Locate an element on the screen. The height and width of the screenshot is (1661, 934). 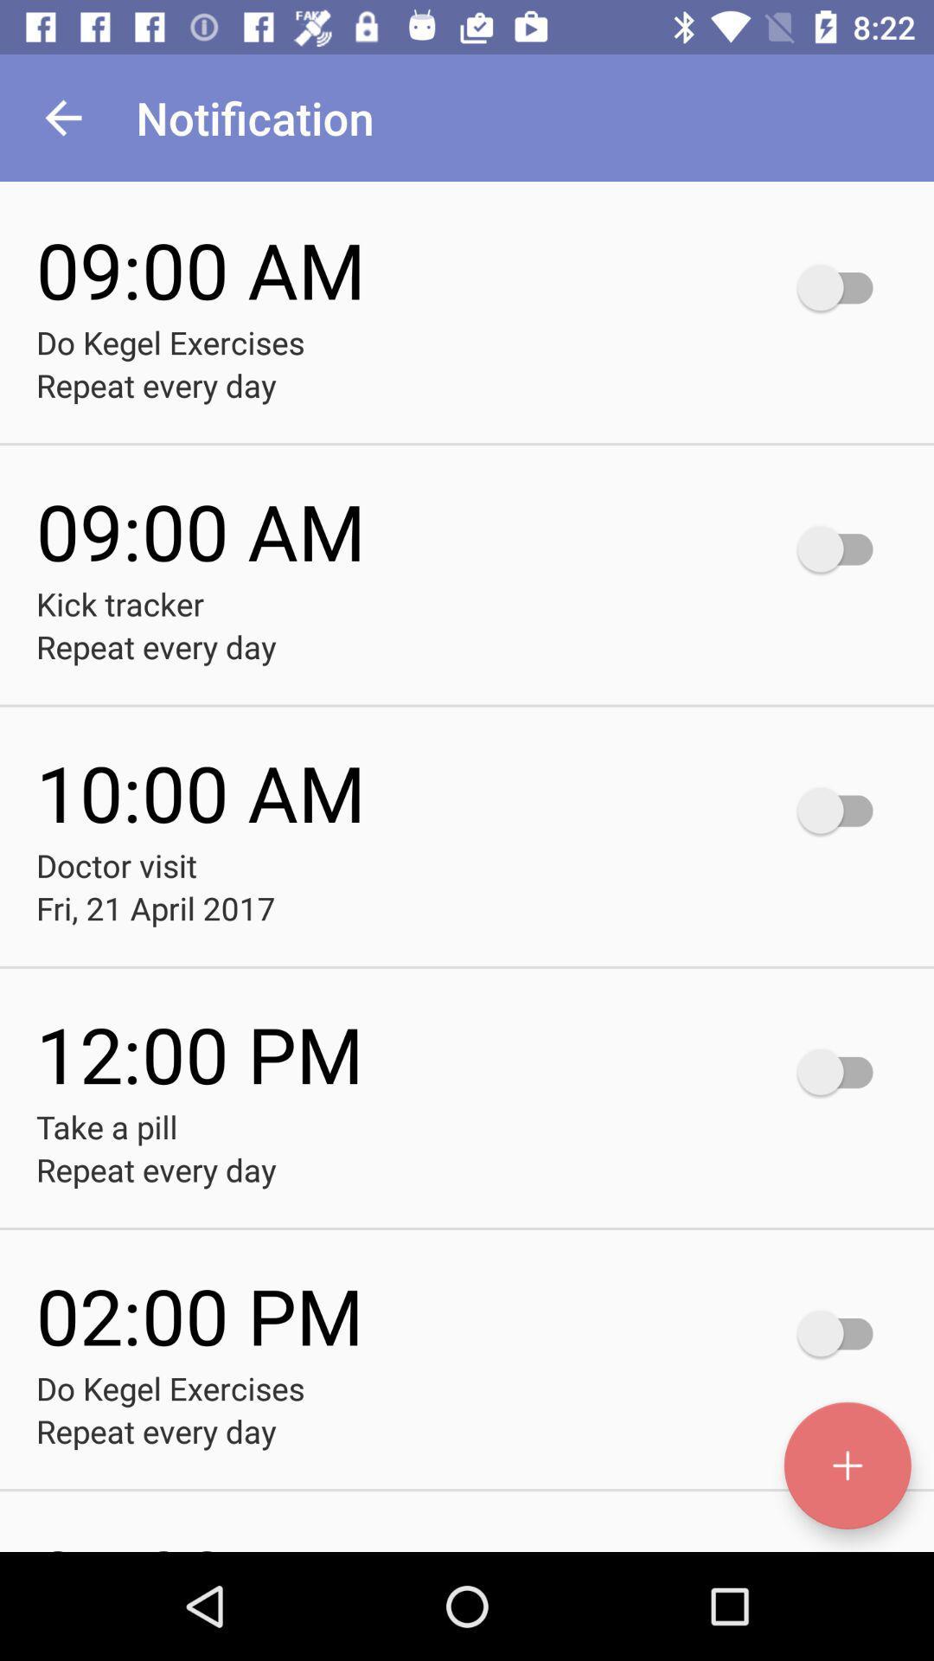
the add icon is located at coordinates (847, 1465).